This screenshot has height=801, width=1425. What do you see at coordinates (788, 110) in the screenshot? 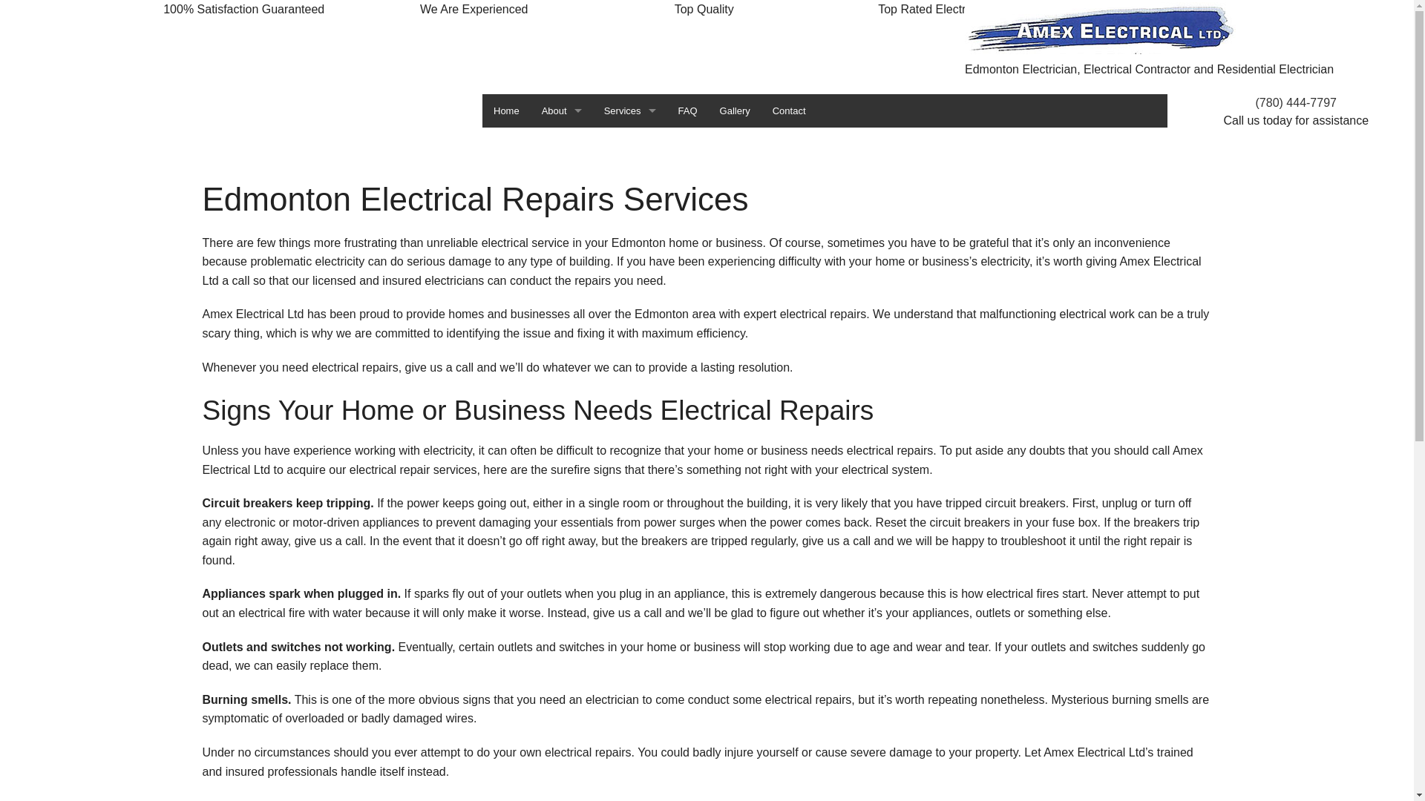
I see `'Contact'` at bounding box center [788, 110].